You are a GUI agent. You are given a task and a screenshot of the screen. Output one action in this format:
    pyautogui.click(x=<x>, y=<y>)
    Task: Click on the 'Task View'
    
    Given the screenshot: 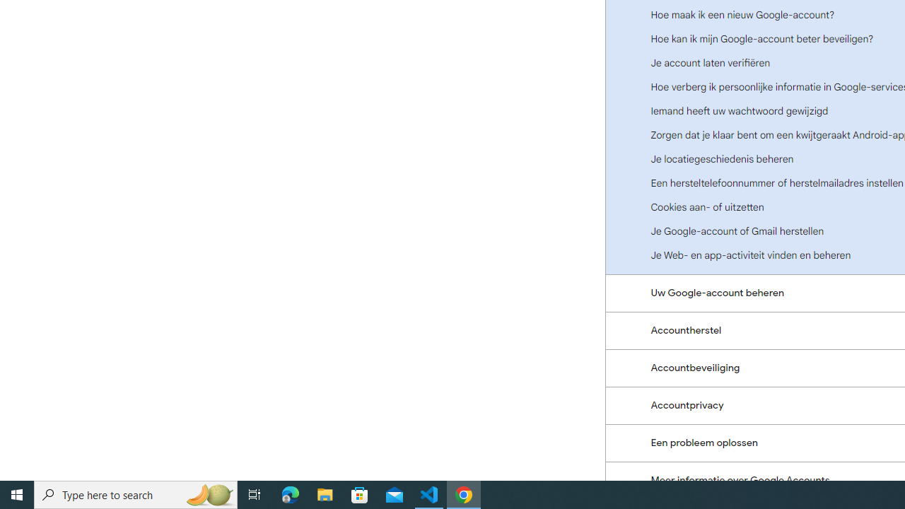 What is the action you would take?
    pyautogui.click(x=254, y=493)
    